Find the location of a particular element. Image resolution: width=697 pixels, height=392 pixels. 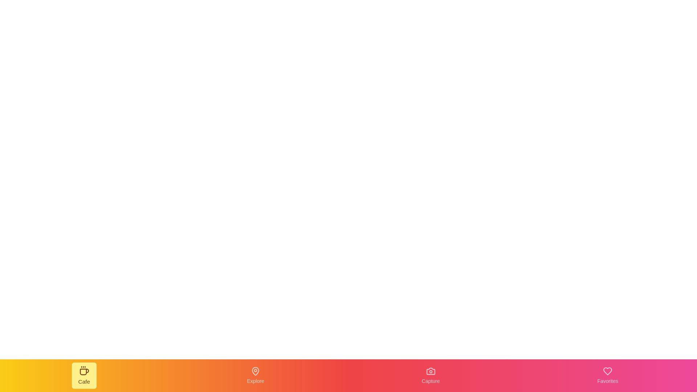

the navigation item Favorites from the bottom navigation bar is located at coordinates (608, 375).